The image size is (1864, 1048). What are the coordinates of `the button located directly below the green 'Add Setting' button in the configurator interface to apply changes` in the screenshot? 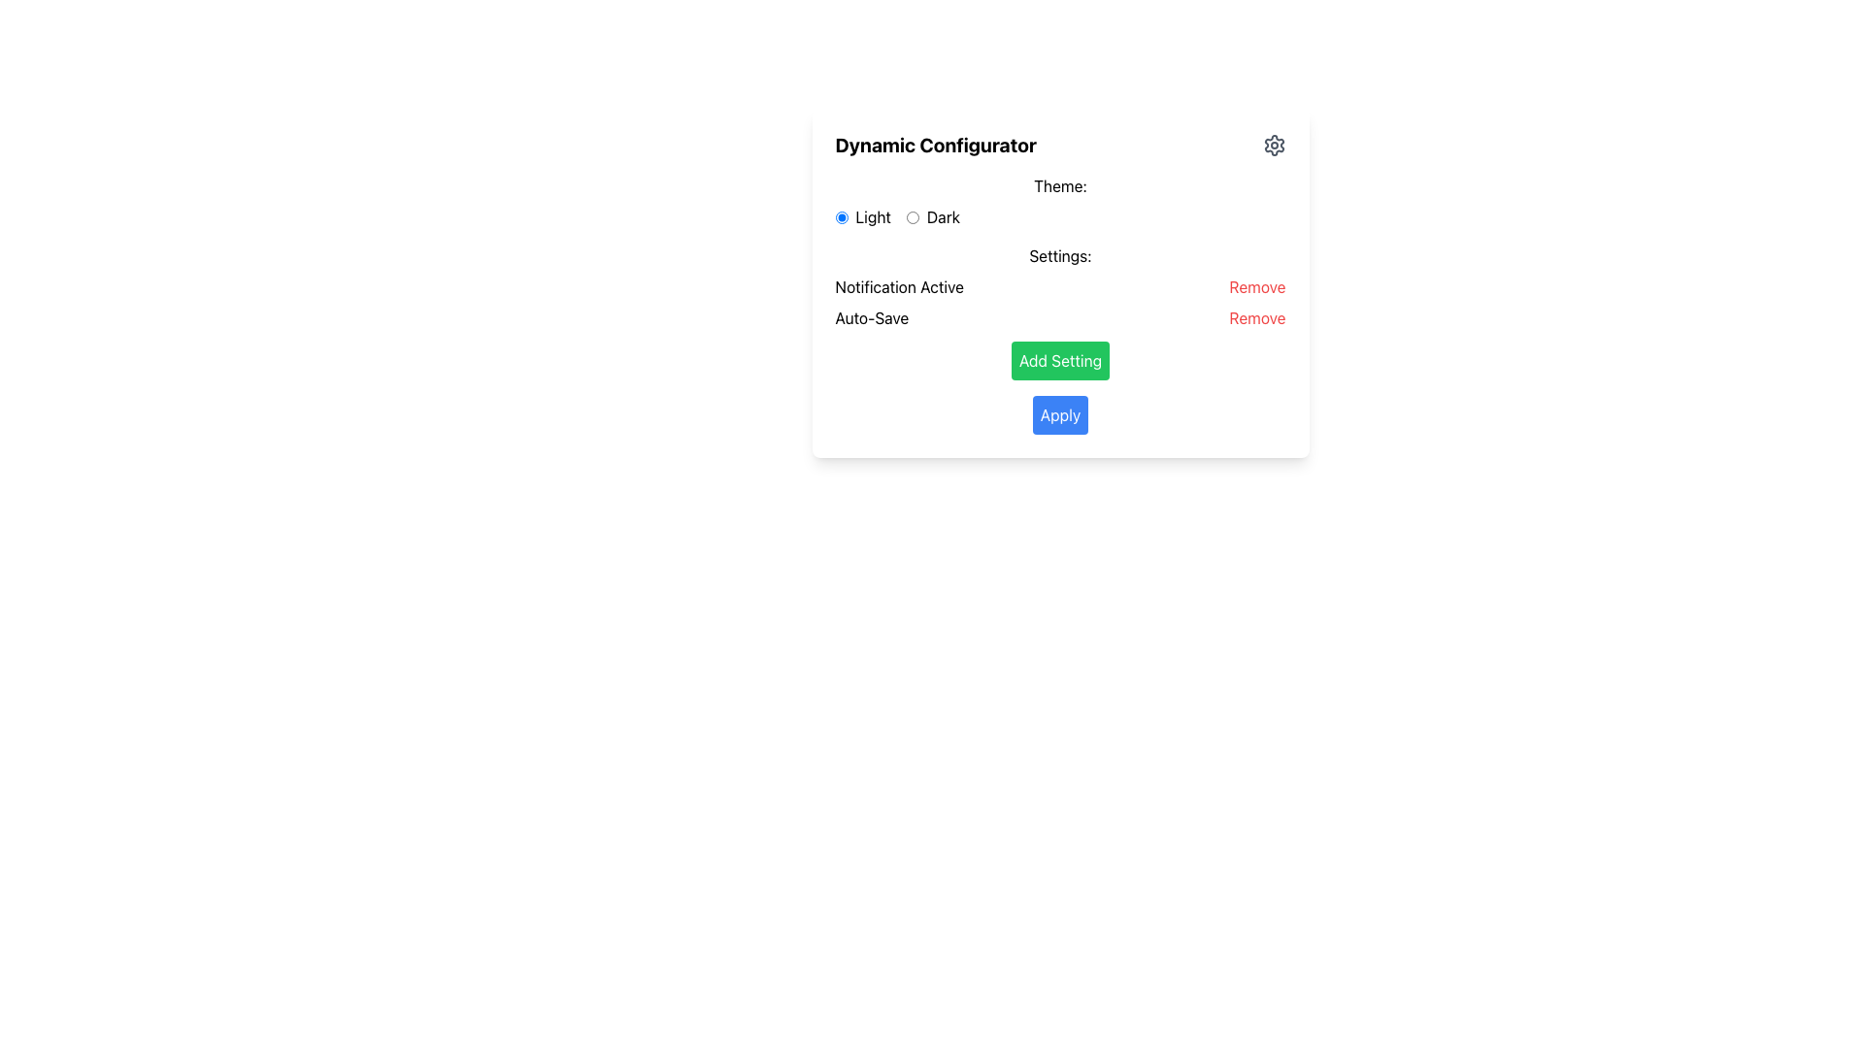 It's located at (1059, 414).